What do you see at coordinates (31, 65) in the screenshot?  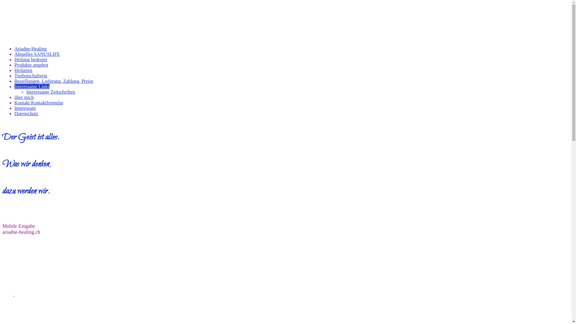 I see `'Produkte angebot'` at bounding box center [31, 65].